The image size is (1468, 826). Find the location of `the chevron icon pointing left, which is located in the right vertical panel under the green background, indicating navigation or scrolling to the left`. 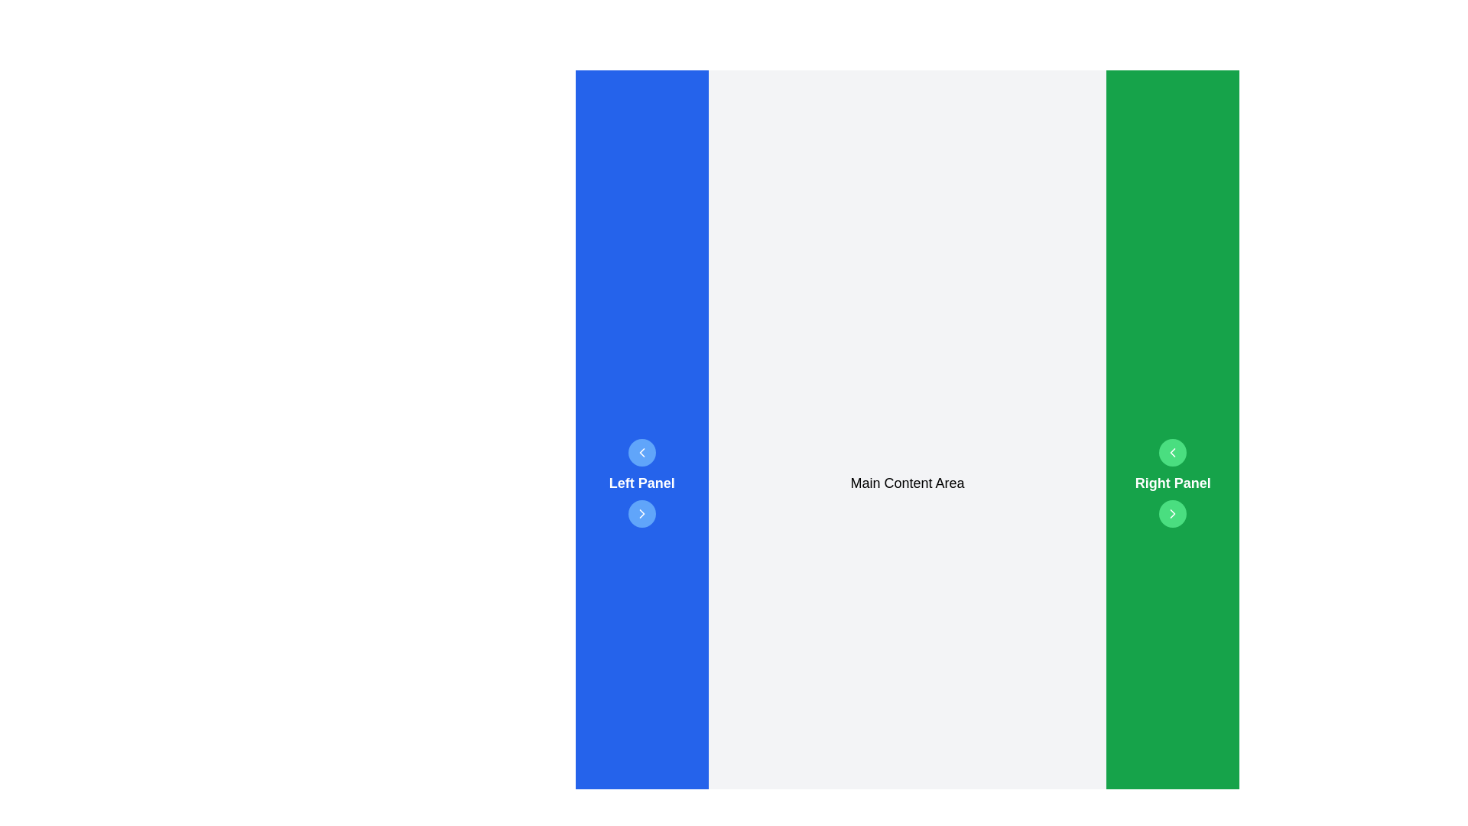

the chevron icon pointing left, which is located in the right vertical panel under the green background, indicating navigation or scrolling to the left is located at coordinates (1172, 451).